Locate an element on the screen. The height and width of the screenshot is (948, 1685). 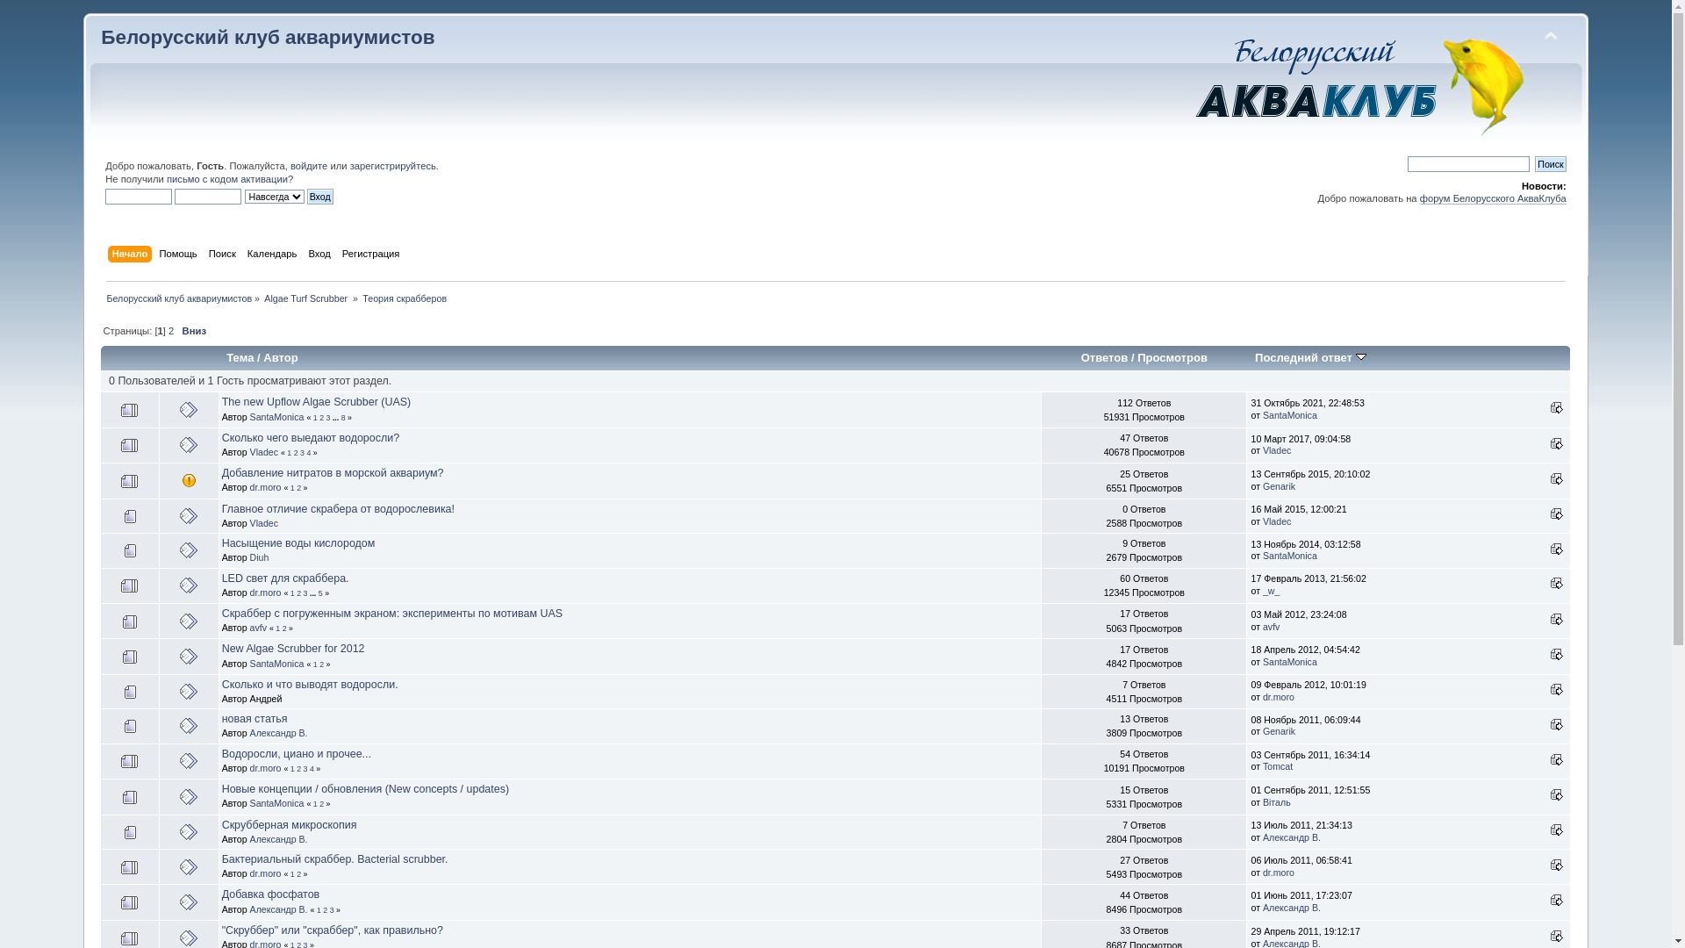
'SantaMonica' is located at coordinates (276, 416).